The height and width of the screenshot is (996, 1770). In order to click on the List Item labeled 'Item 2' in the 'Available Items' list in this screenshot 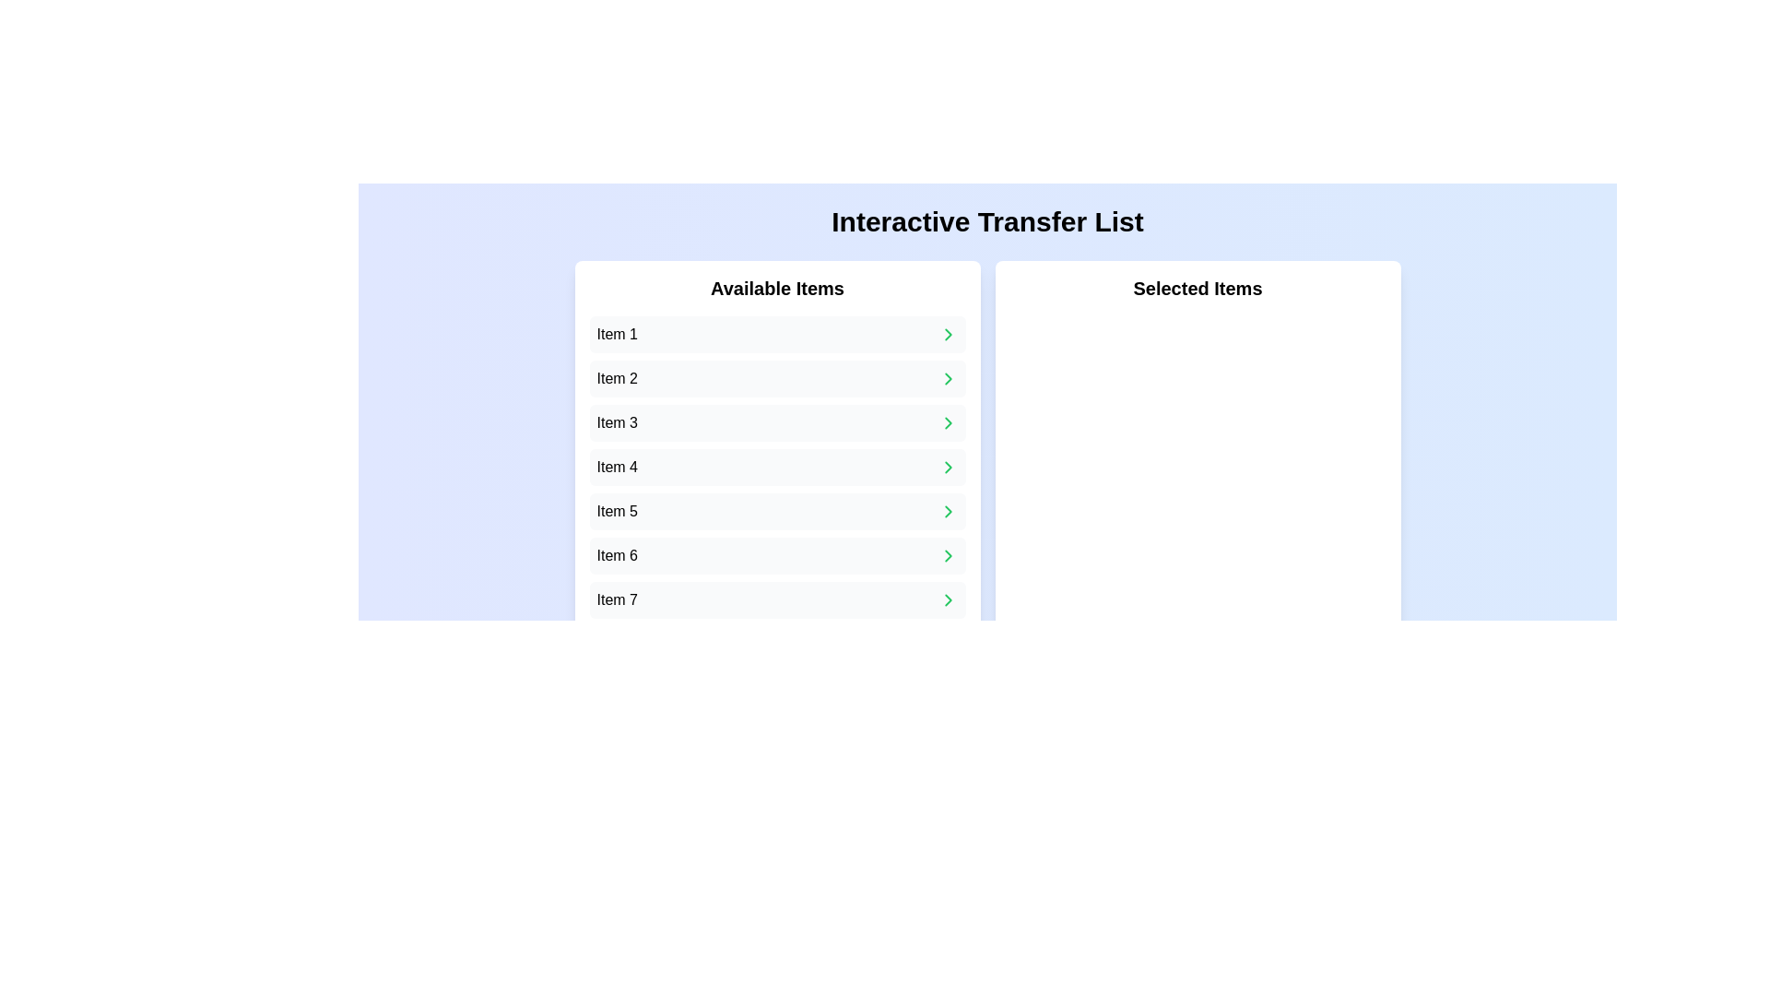, I will do `click(777, 378)`.